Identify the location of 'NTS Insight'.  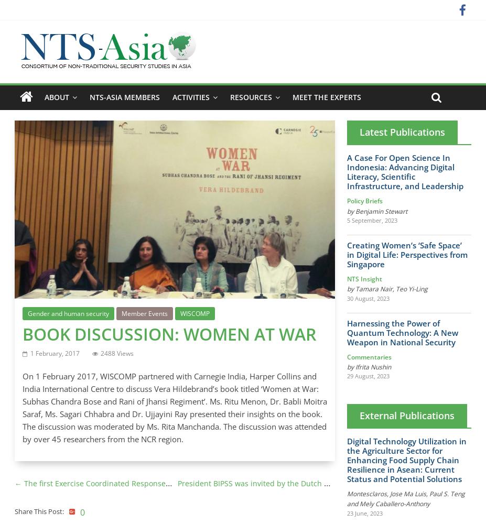
(346, 279).